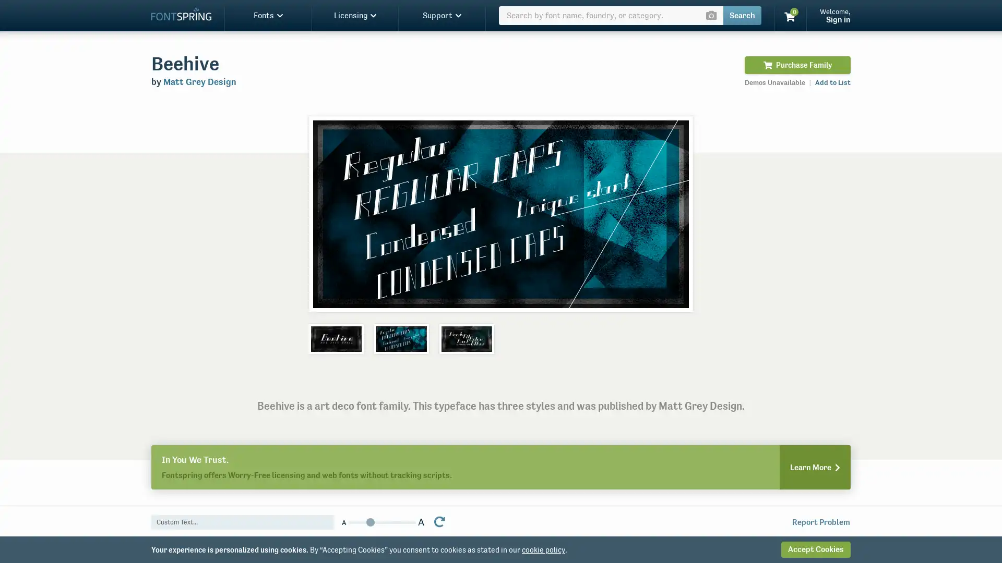  Describe the element at coordinates (820, 522) in the screenshot. I see `Report Problem` at that location.